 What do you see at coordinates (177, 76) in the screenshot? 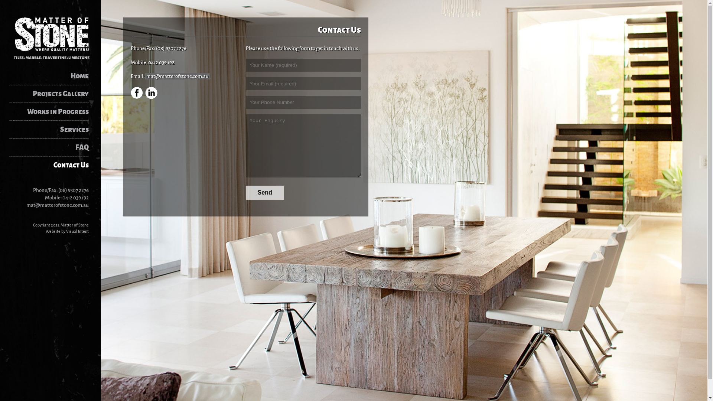
I see `'mat@matterofstone.com.au'` at bounding box center [177, 76].